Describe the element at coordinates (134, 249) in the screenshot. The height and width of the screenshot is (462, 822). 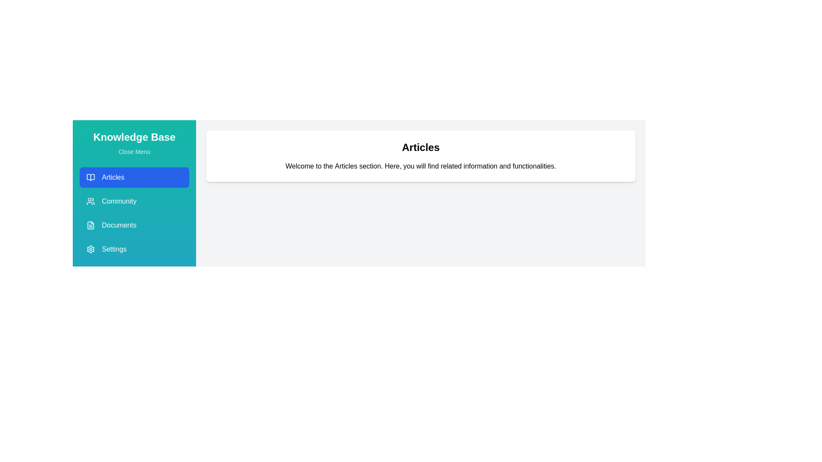
I see `the menu section Settings` at that location.